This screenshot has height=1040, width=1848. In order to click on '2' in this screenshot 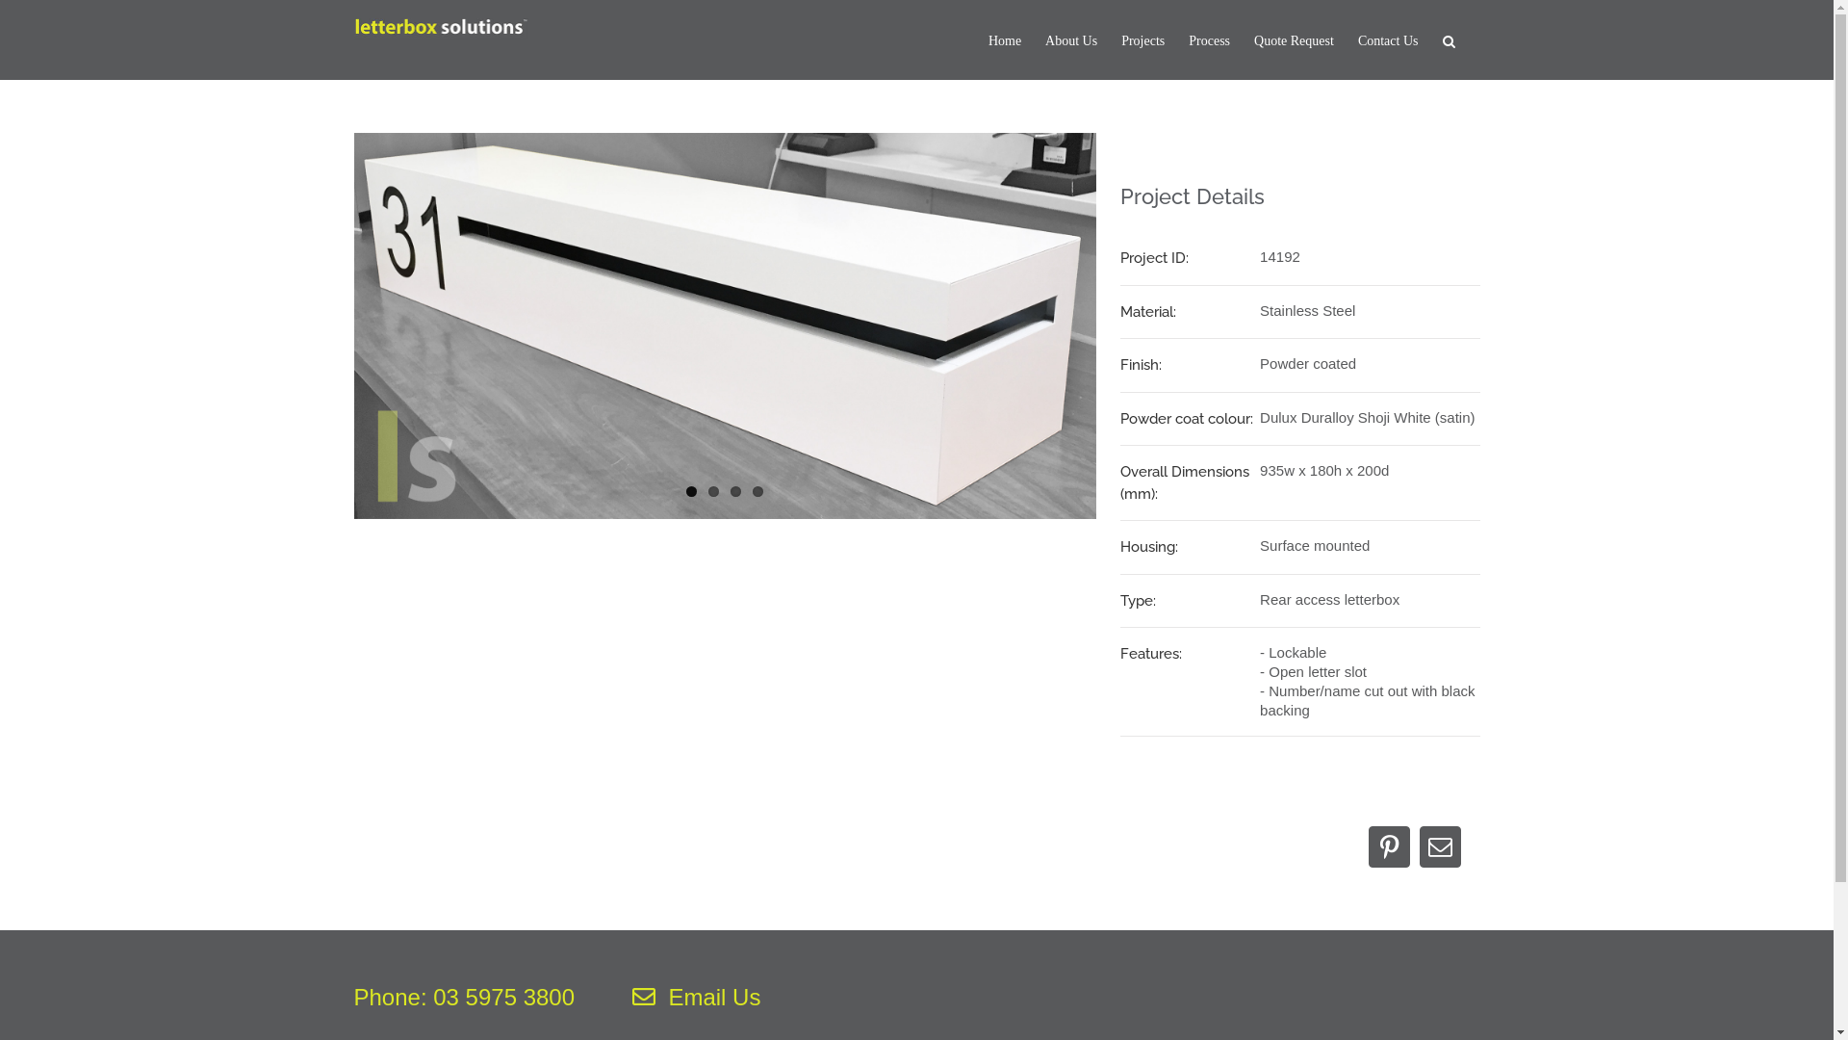, I will do `click(712, 490)`.